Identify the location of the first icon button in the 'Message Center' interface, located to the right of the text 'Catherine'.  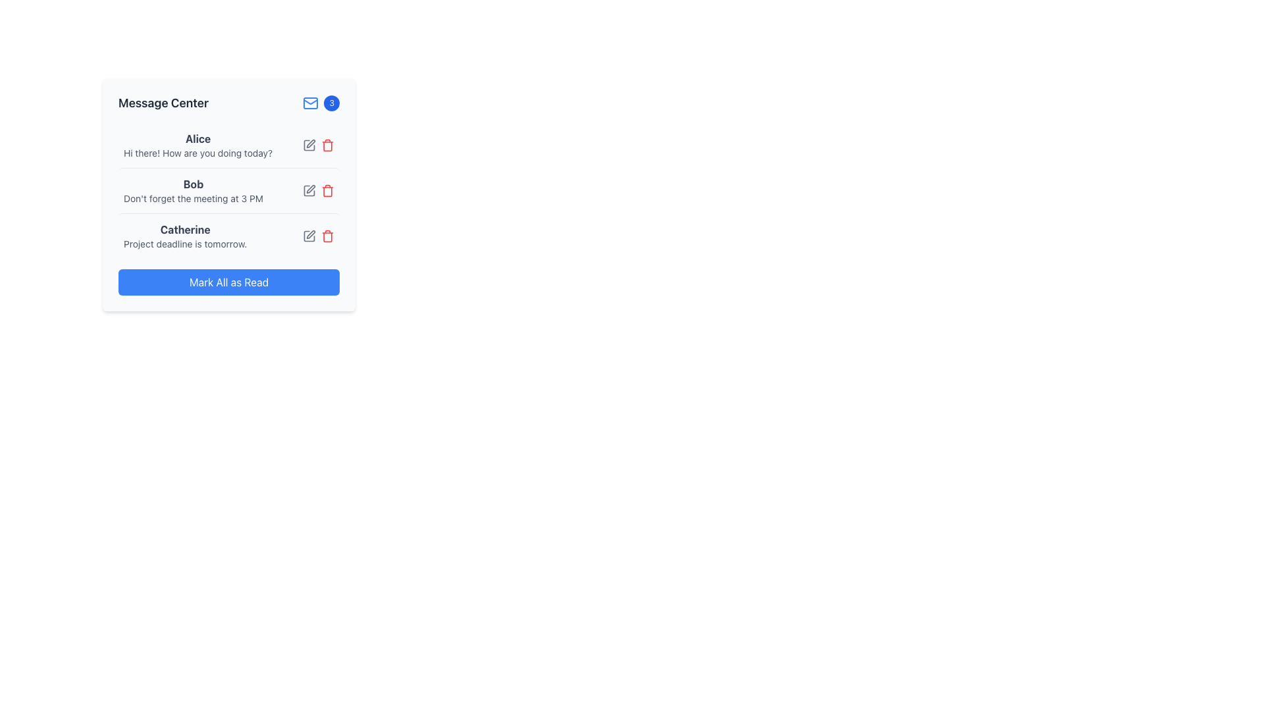
(309, 235).